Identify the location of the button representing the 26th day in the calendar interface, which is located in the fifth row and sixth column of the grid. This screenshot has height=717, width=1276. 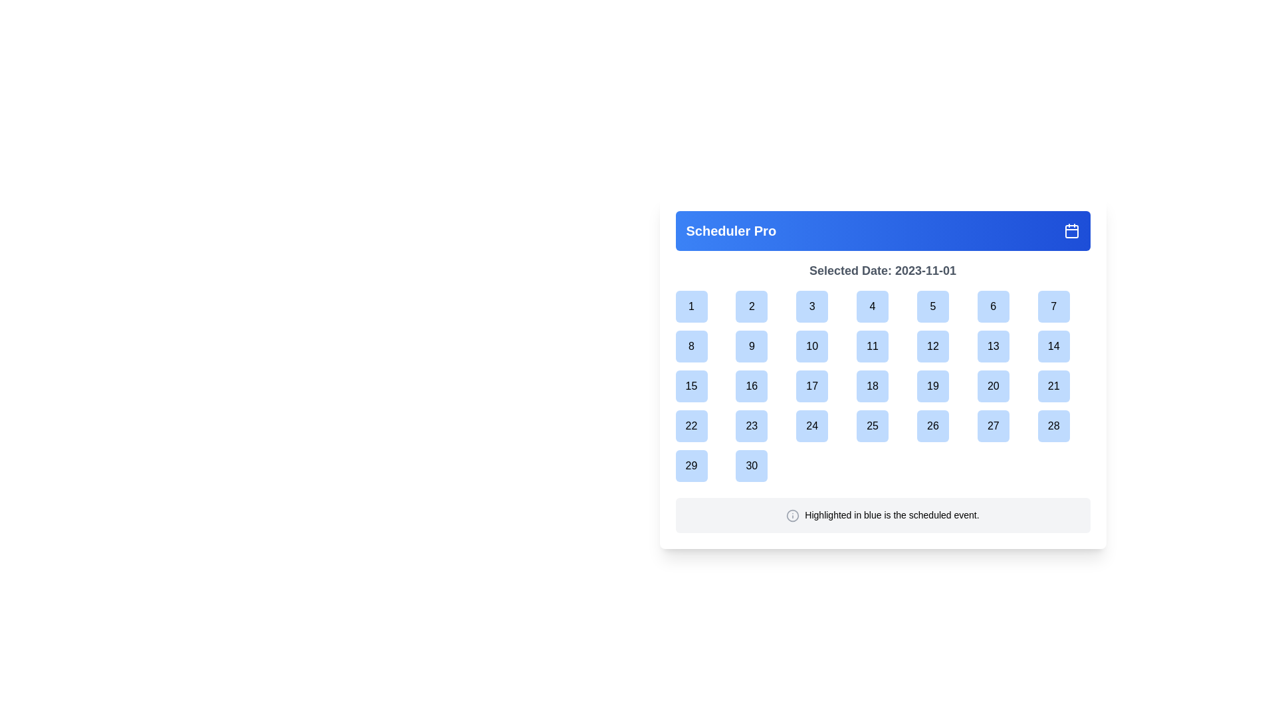
(942, 426).